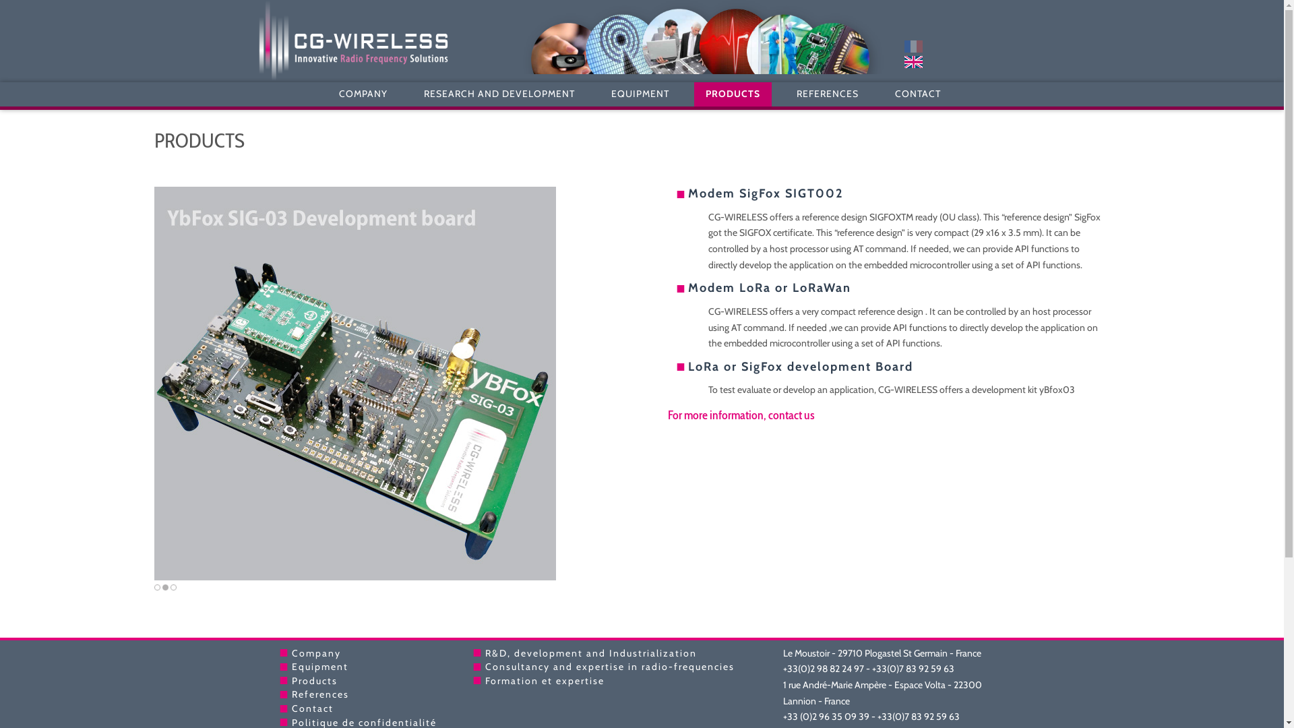 This screenshot has height=728, width=1294. I want to click on 'For more information, contact us', so click(740, 415).